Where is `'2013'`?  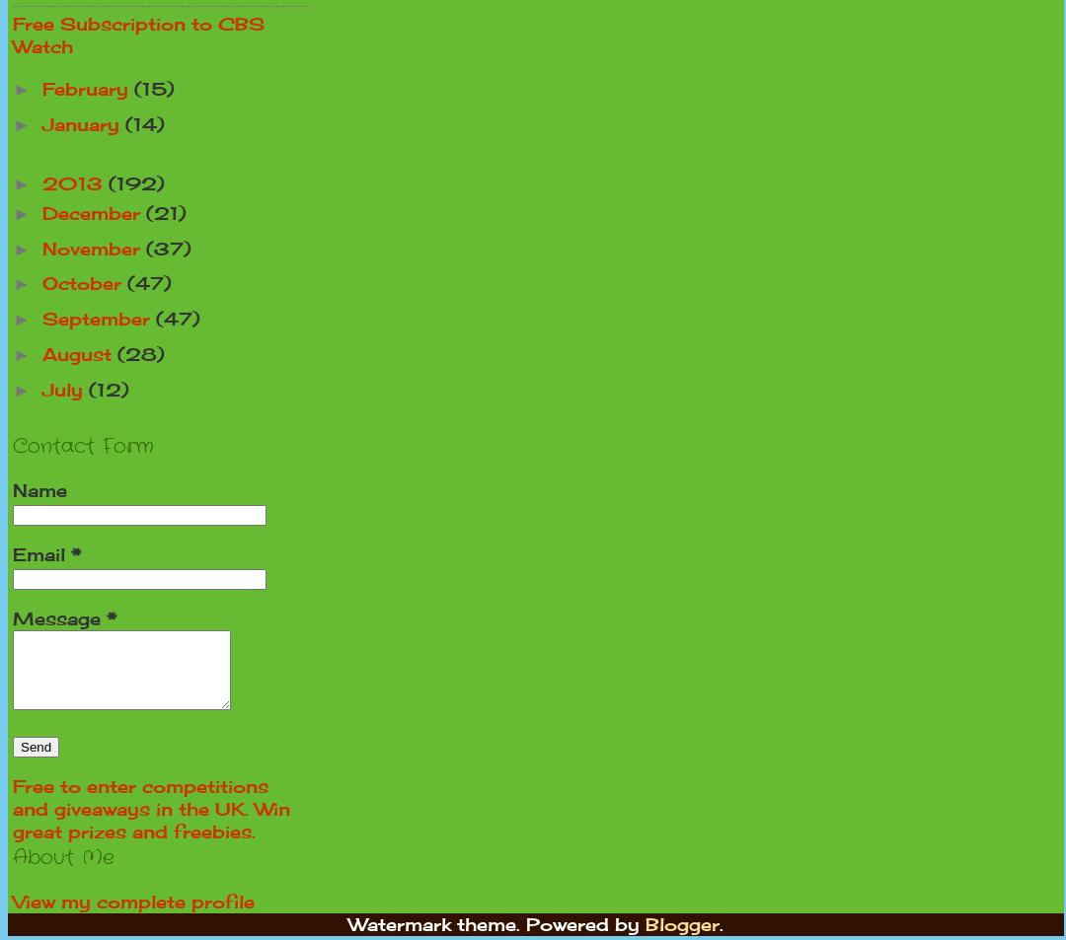
'2013' is located at coordinates (74, 182).